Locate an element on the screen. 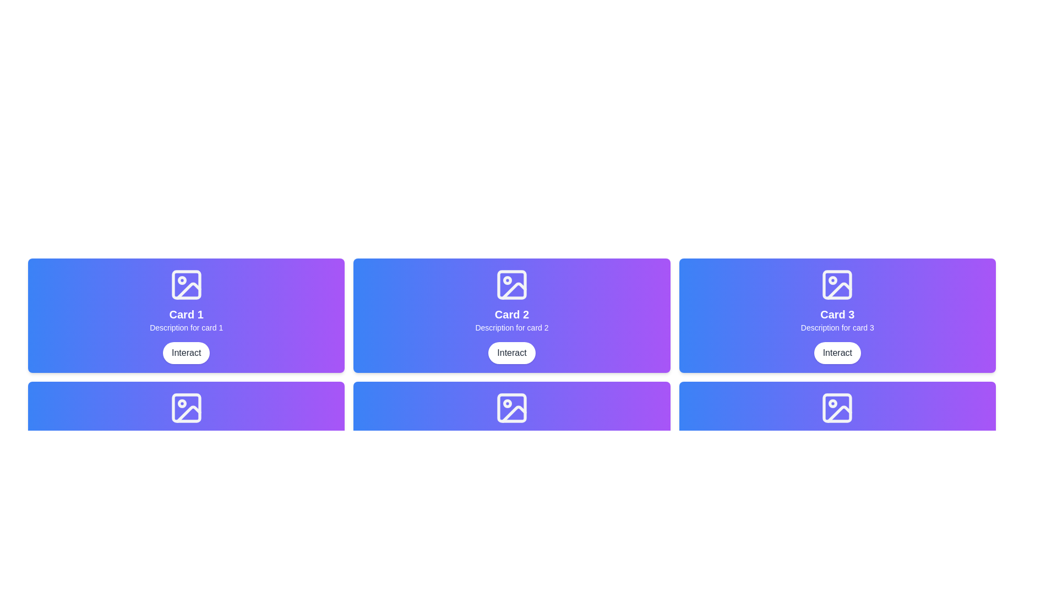  the icon represented by a rectangular frame with a stylized picture and a small circular shape at the top-left corner, located on the gradient blue-to-purple background in the top section of the rightmost card in the top row is located at coordinates (837, 284).